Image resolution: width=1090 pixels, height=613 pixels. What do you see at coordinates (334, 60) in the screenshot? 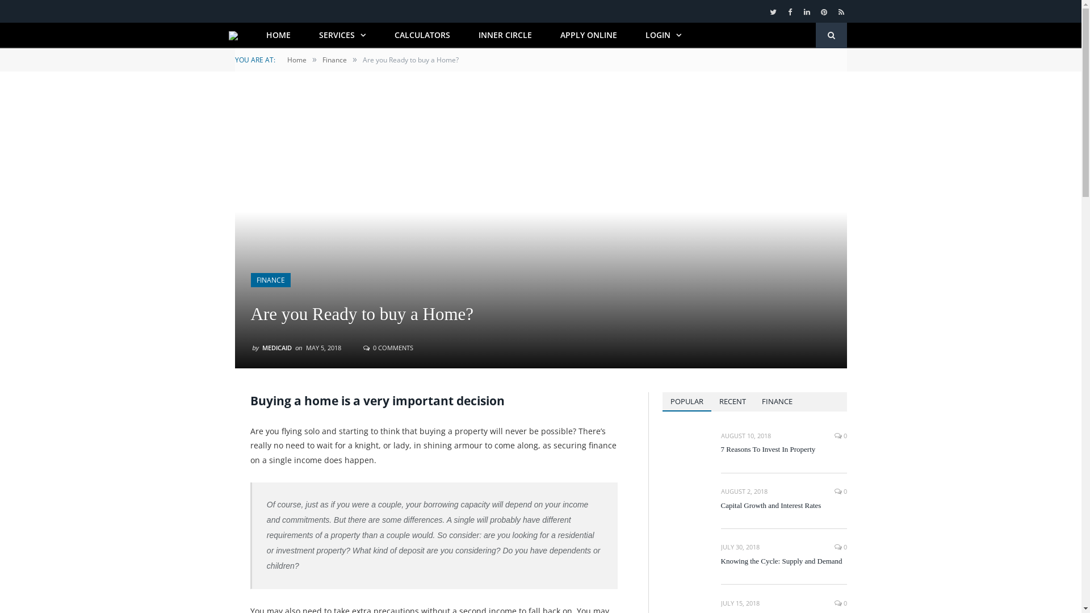
I see `'Finance'` at bounding box center [334, 60].